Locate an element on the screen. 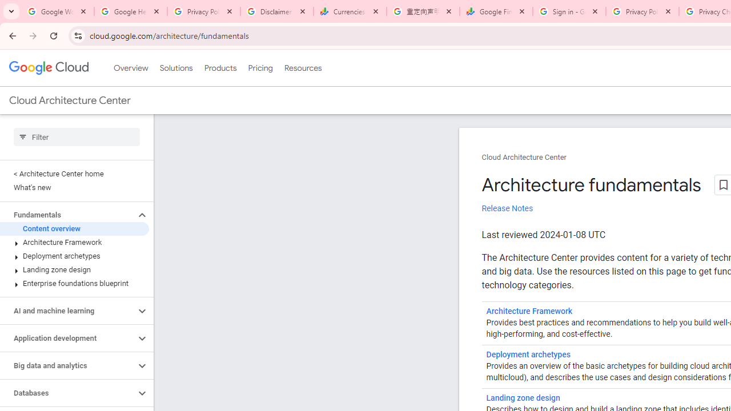  'Fundamentals' is located at coordinates (67, 215).